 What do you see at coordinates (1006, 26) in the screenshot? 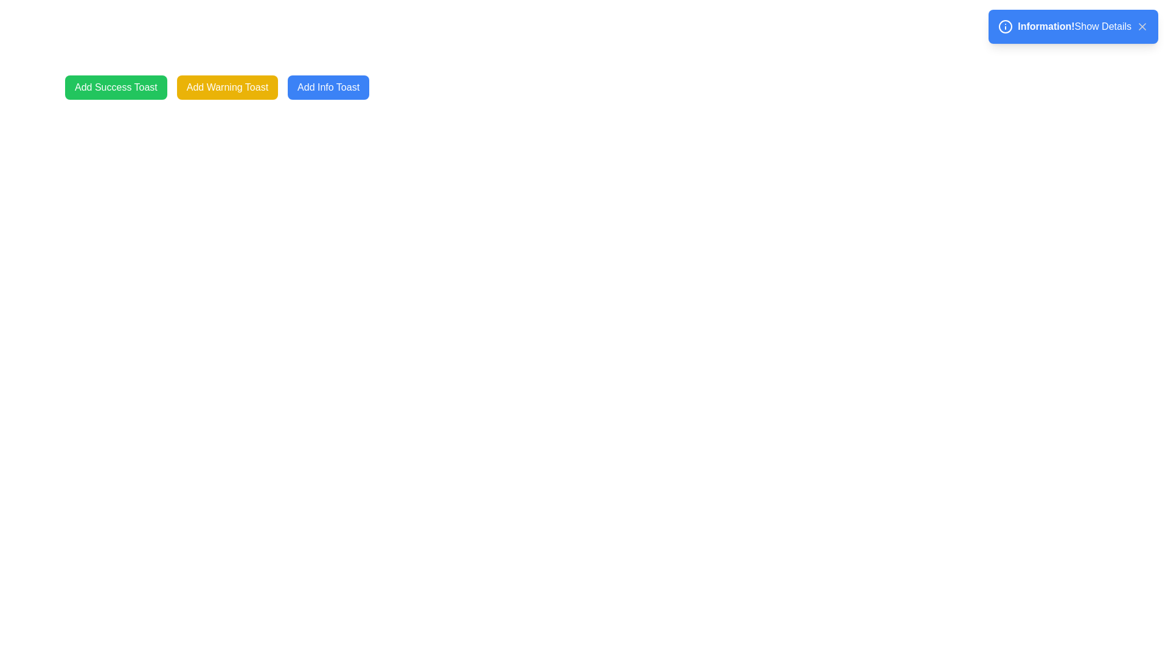
I see `the circular boundary of the information icon, which is styled in blue and white colors, located prominently to the left of the 'Information!' text in the blue notification bar at the top-right corner of the interface` at bounding box center [1006, 26].